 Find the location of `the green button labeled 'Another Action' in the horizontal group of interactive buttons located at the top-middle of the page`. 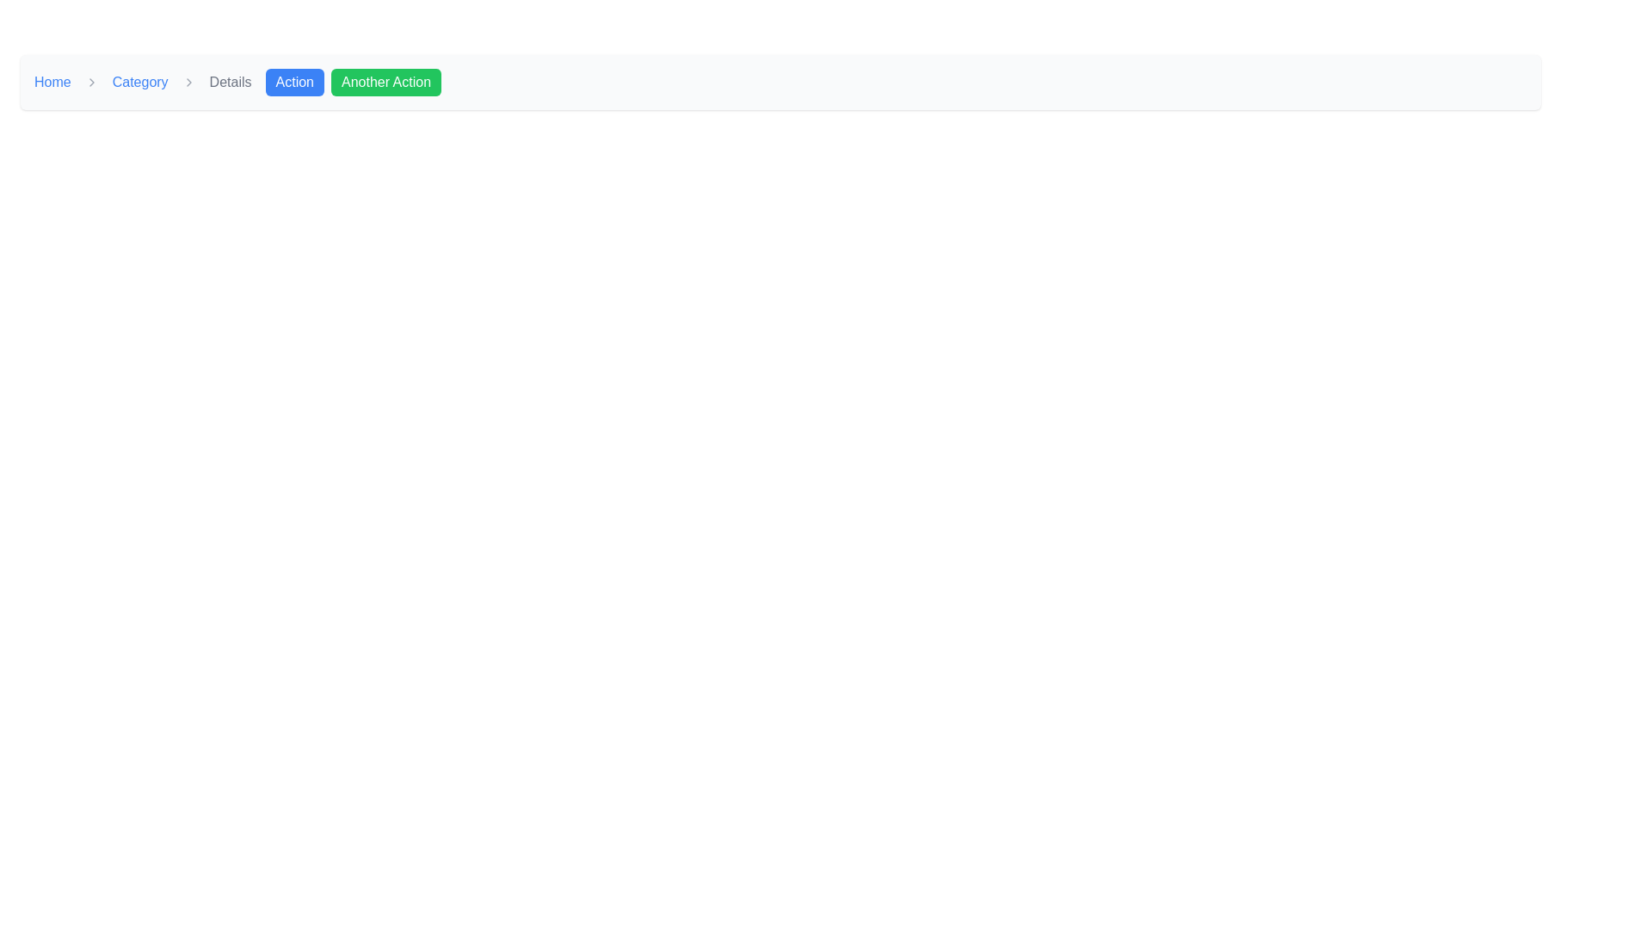

the green button labeled 'Another Action' in the horizontal group of interactive buttons located at the top-middle of the page is located at coordinates (352, 83).